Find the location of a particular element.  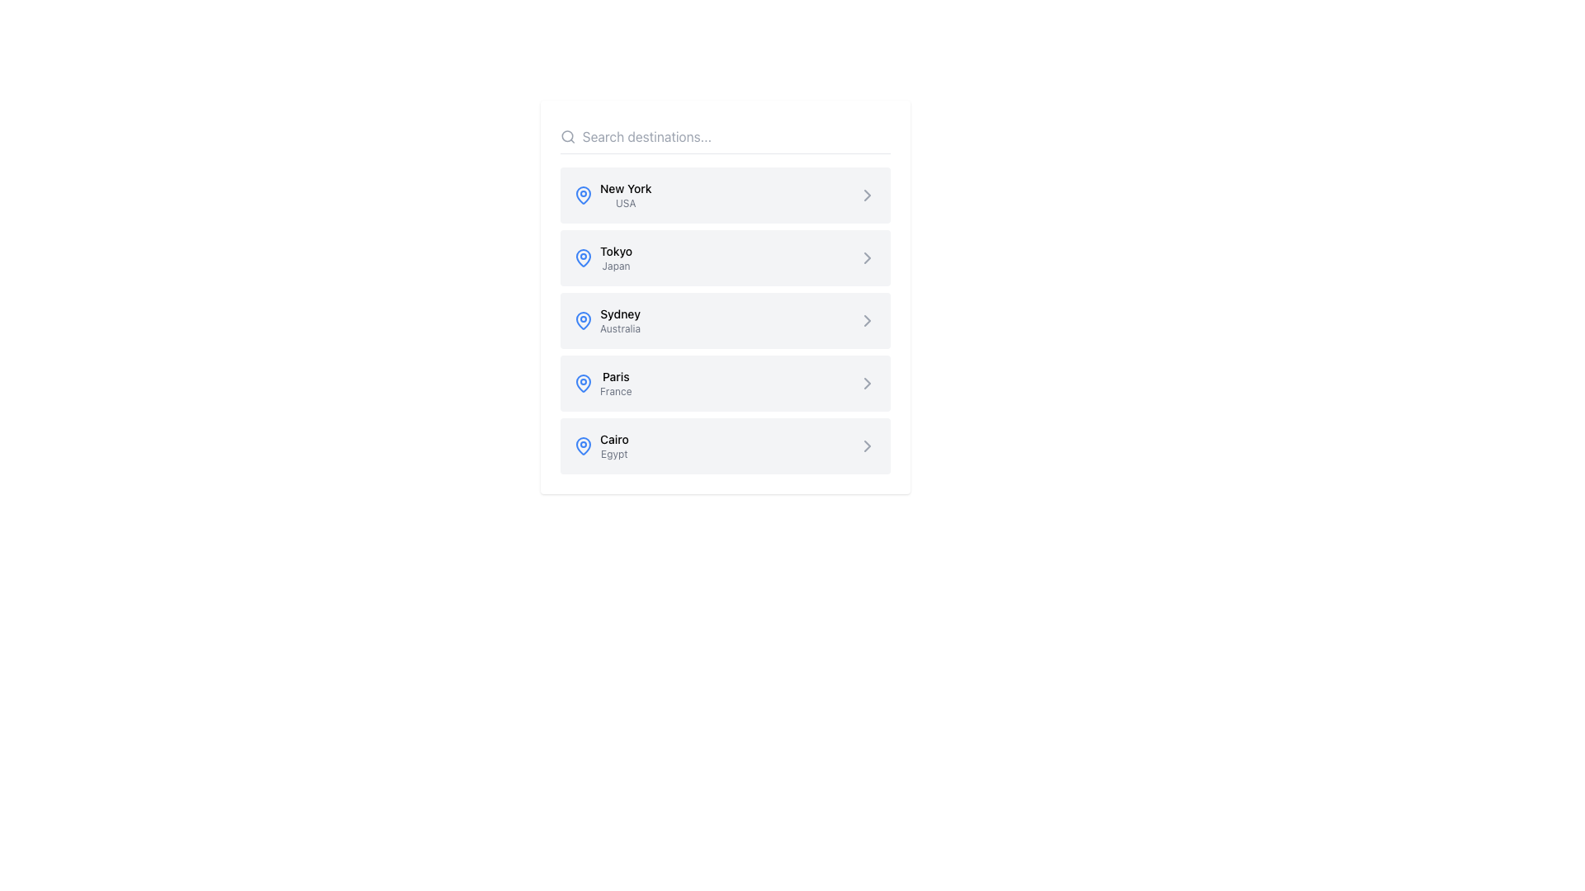

the fourth list item representing Paris, France is located at coordinates (725, 384).